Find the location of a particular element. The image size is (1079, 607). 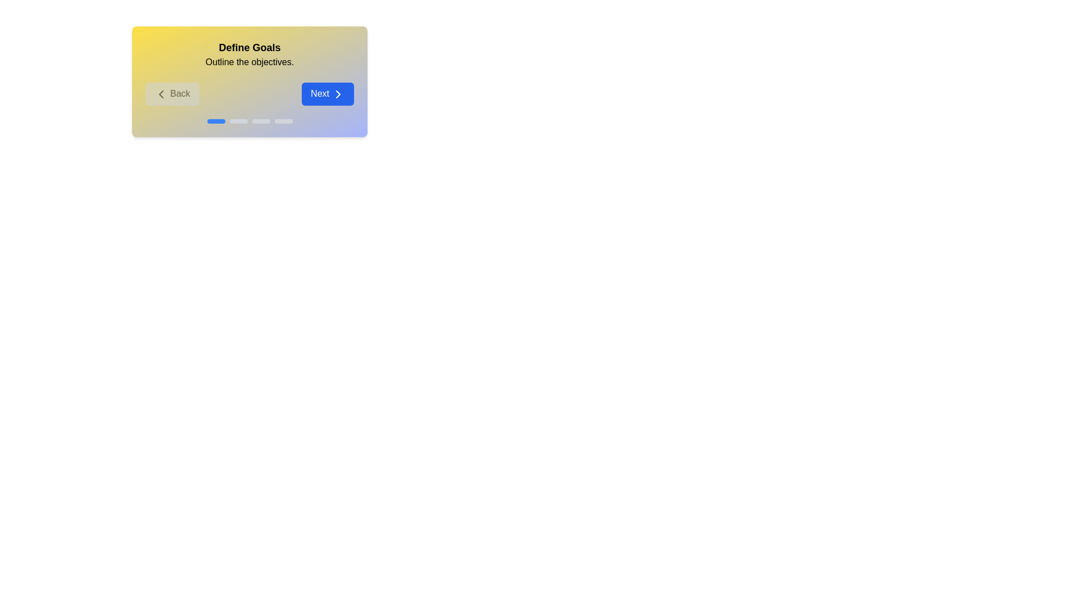

the progress indicator corresponding to stage 2 is located at coordinates (238, 121).